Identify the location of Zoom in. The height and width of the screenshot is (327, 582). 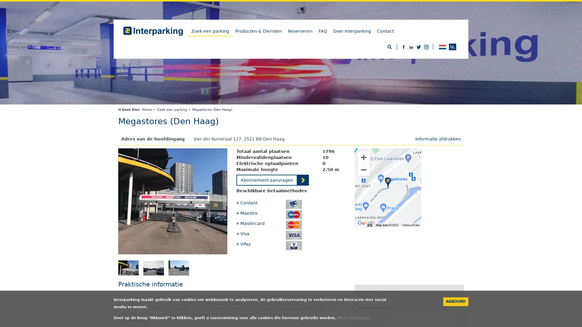
(364, 157).